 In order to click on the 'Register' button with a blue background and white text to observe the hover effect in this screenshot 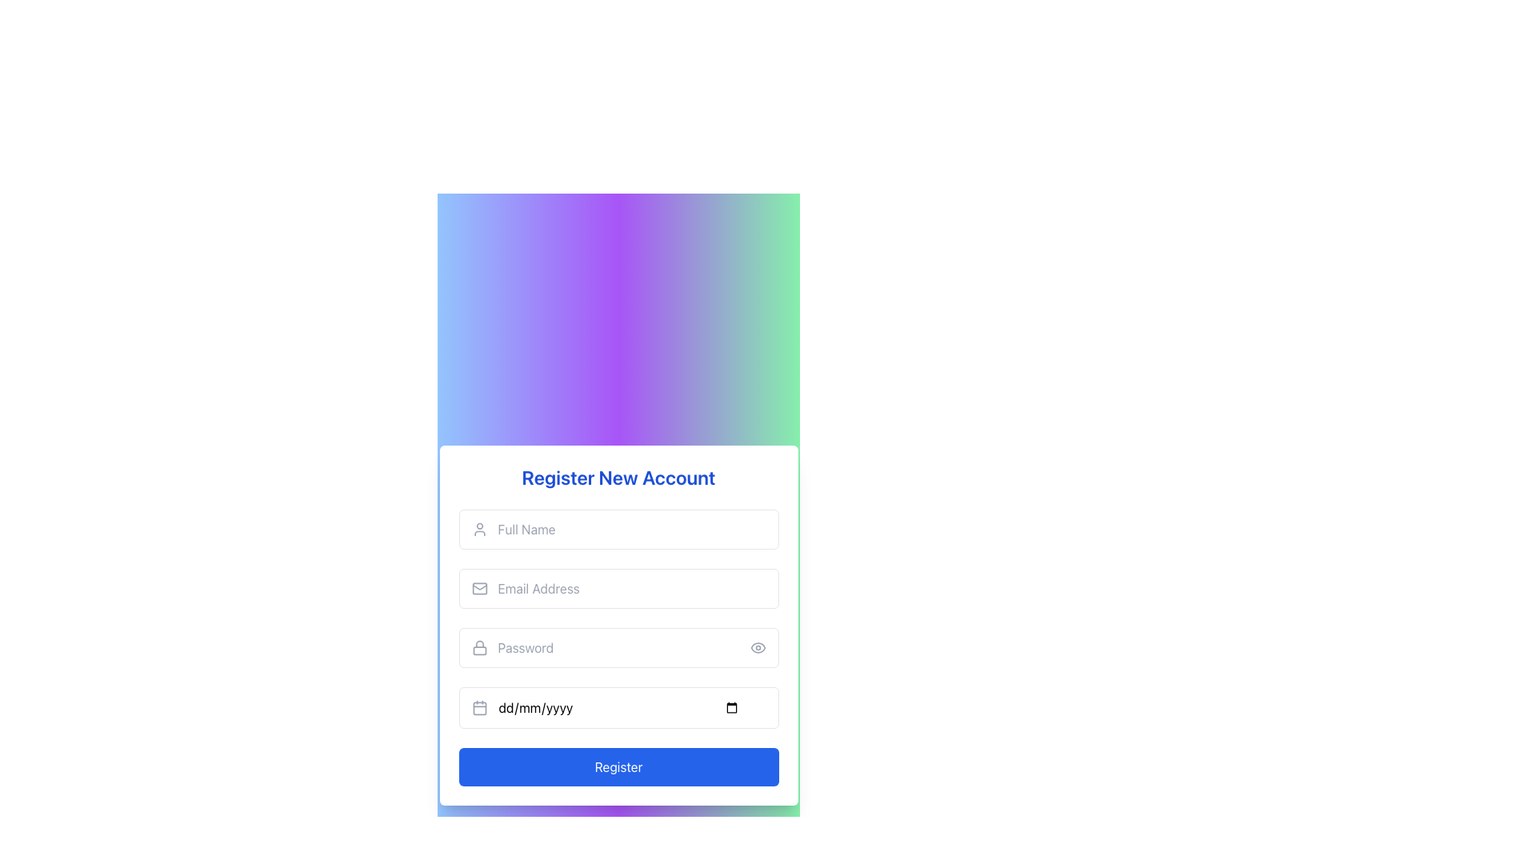, I will do `click(618, 766)`.